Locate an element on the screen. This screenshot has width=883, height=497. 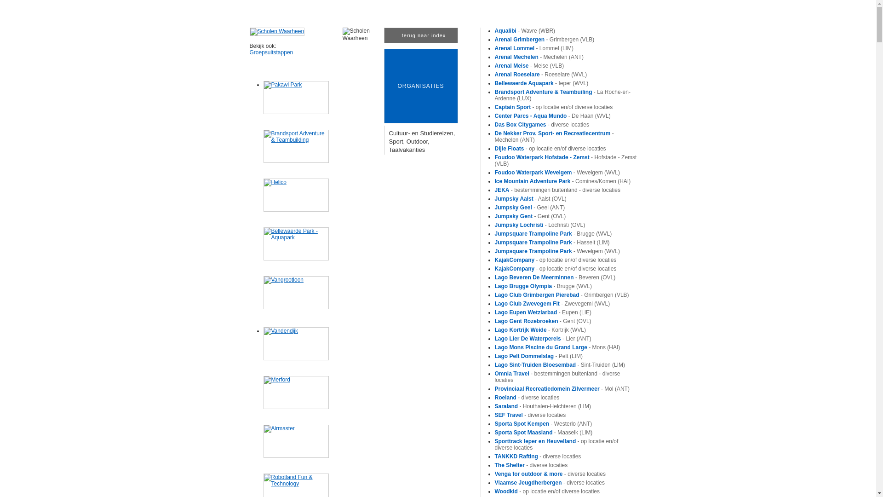
'De Nekker Prov. Sport- en Recreatiecentrum - Mechelen (ANT)' is located at coordinates (554, 137).